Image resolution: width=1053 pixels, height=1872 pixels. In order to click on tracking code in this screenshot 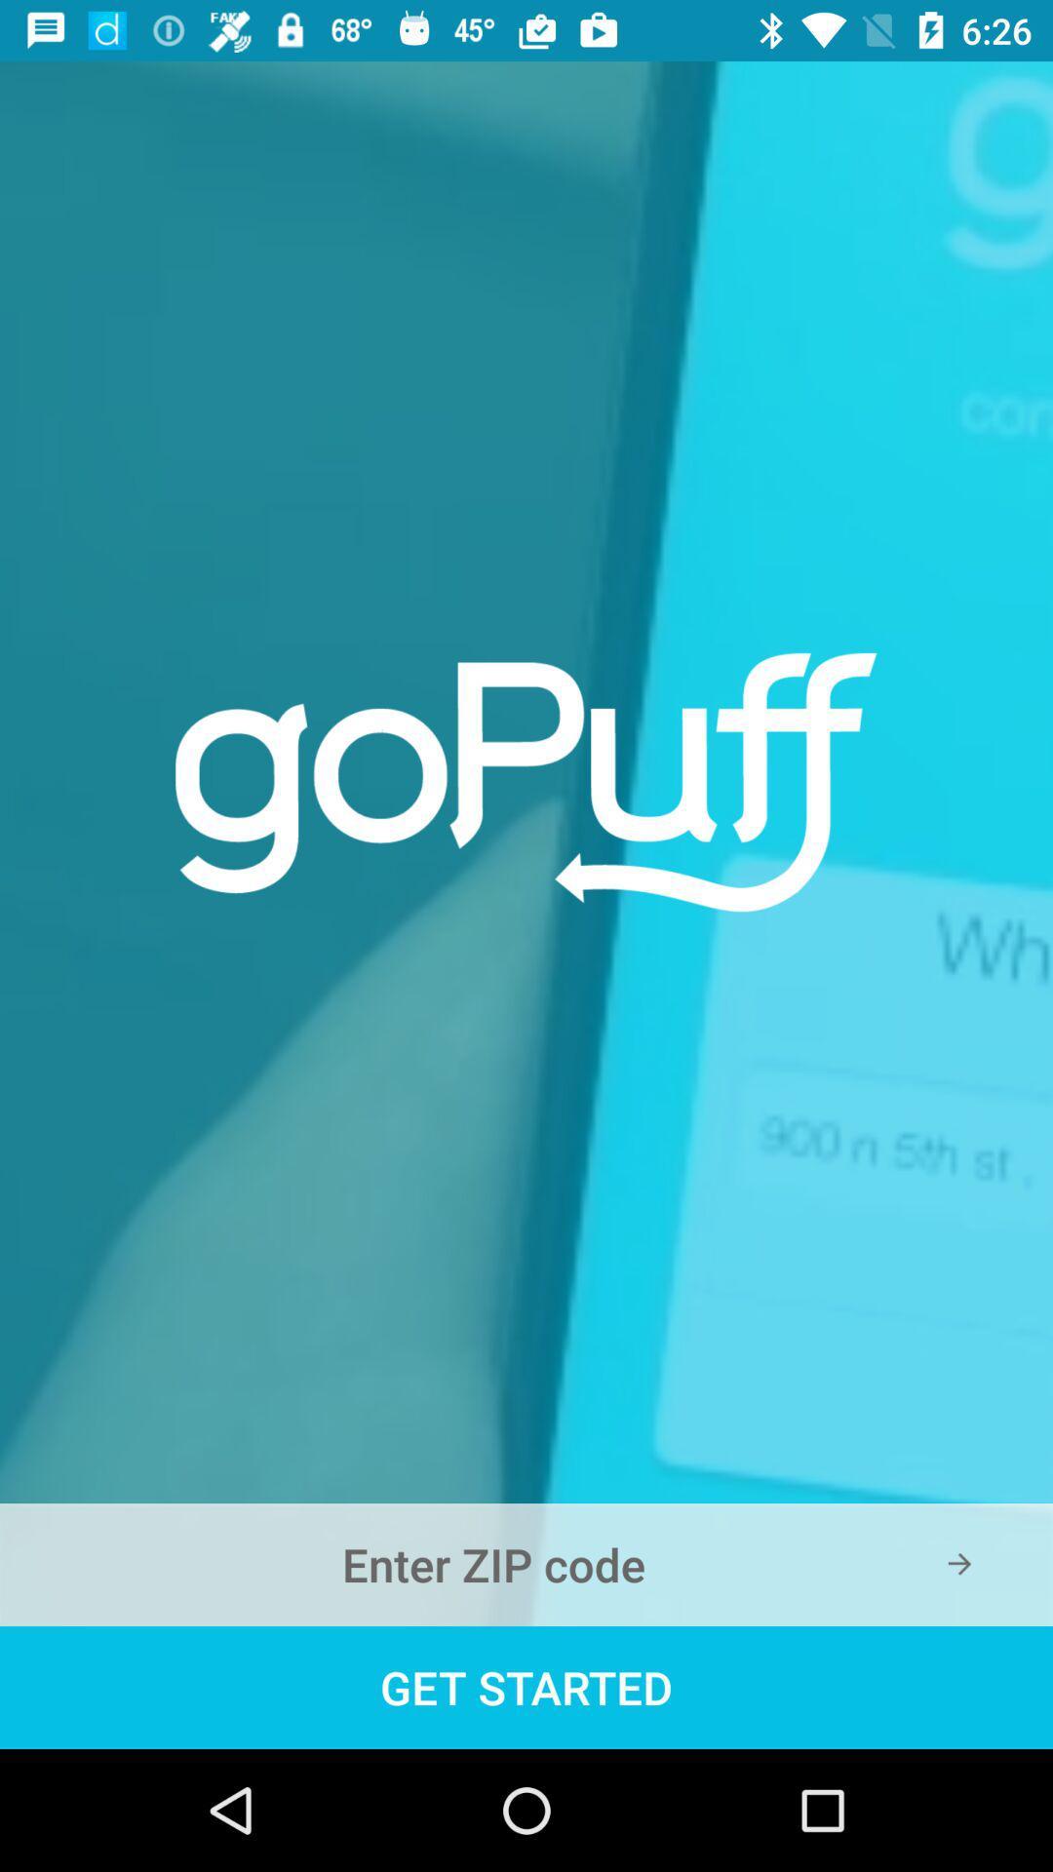, I will do `click(526, 1564)`.